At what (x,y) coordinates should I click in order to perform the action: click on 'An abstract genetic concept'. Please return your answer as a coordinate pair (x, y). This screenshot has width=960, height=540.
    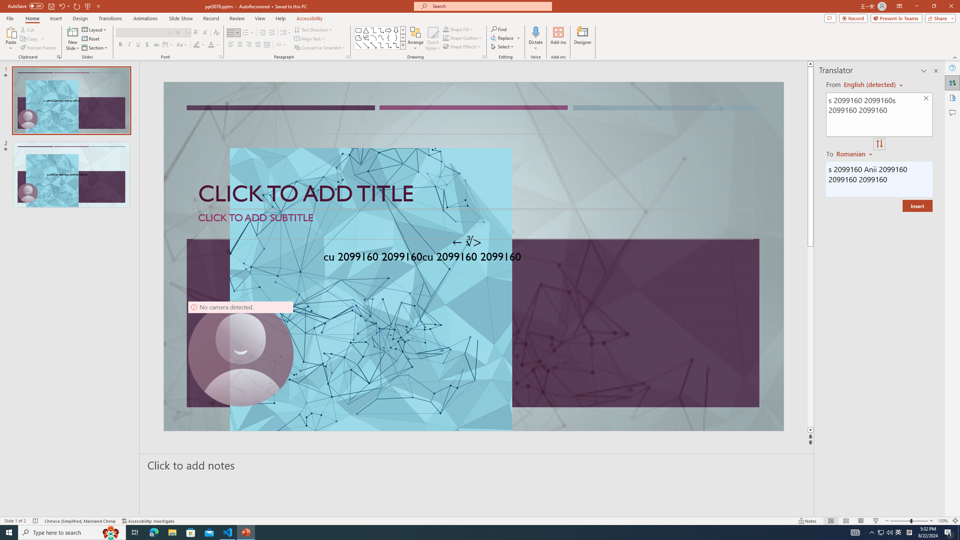
    Looking at the image, I should click on (474, 256).